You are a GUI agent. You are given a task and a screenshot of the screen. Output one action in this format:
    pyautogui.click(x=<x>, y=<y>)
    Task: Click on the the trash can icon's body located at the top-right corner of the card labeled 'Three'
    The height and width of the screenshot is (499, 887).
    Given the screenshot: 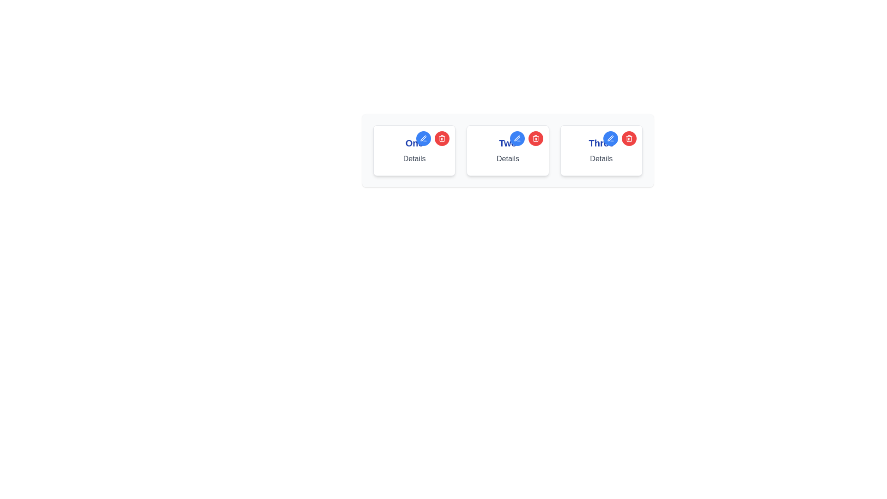 What is the action you would take?
    pyautogui.click(x=629, y=139)
    